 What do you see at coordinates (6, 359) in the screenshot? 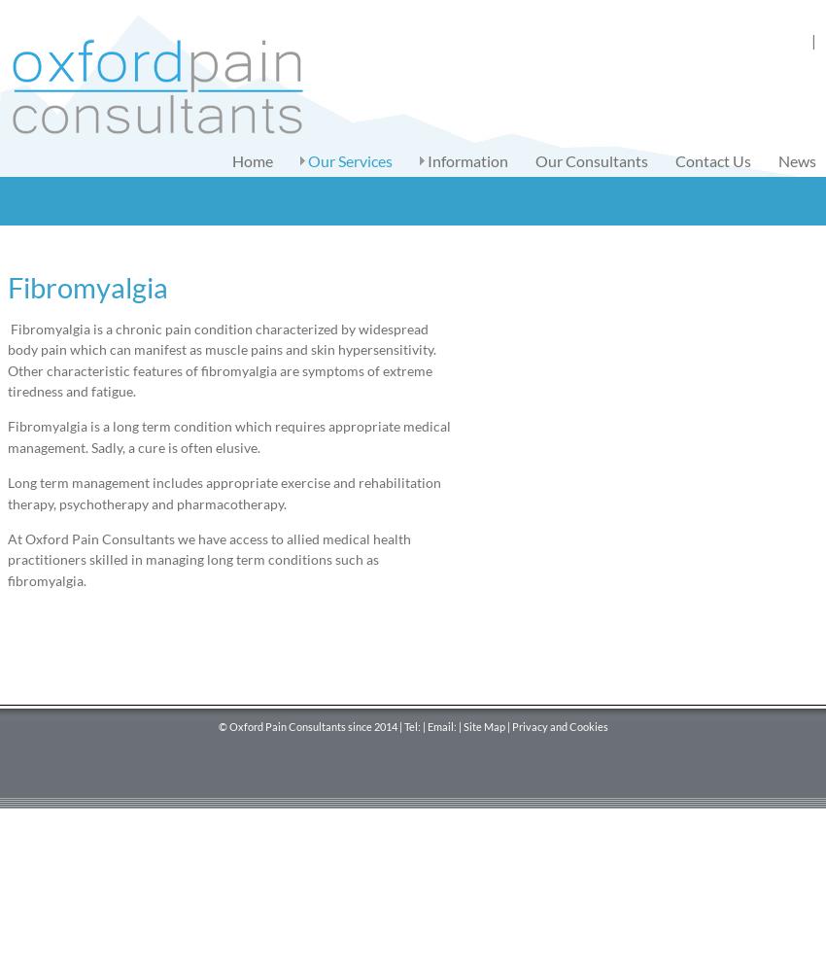
I see `'Fibromyalgia is a chronic pain condition characterized by widespread body pain which can manifest as muscle pains and skin hypersensitivity. Other characteristic features of fibromyalgia are symptoms of extreme tiredness and fatigue.'` at bounding box center [6, 359].